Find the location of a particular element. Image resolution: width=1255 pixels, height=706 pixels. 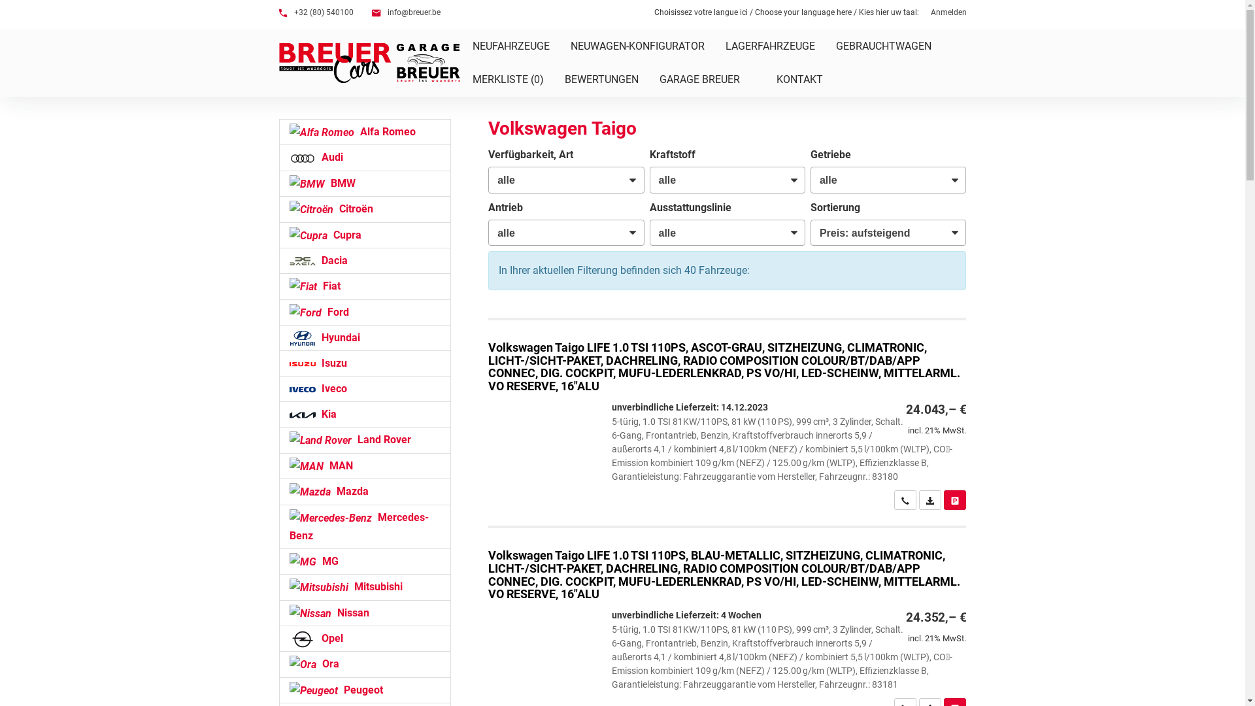

'GEBRAUCHTWAGEN' is located at coordinates (882, 45).